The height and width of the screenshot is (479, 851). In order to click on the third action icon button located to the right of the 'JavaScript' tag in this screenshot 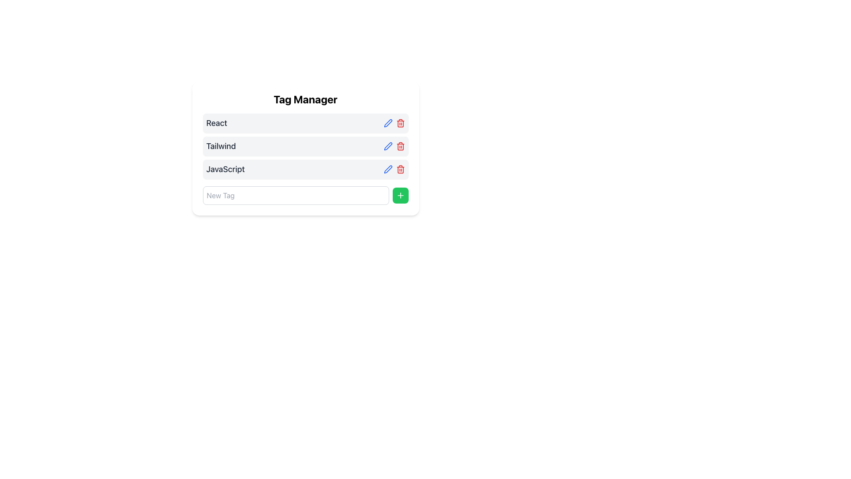, I will do `click(400, 169)`.